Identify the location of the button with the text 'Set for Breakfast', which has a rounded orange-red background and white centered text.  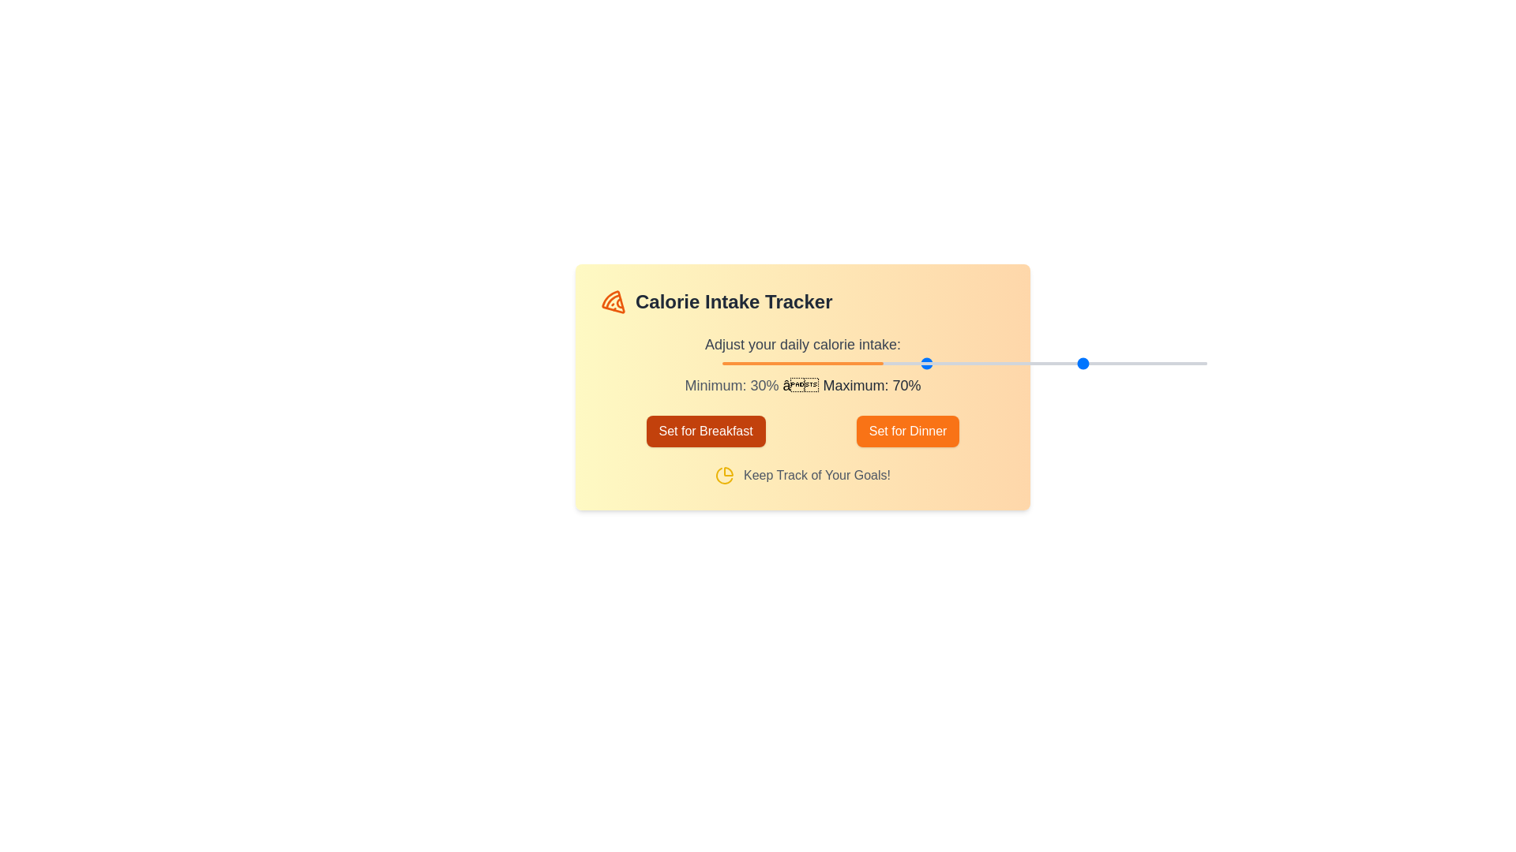
(705, 432).